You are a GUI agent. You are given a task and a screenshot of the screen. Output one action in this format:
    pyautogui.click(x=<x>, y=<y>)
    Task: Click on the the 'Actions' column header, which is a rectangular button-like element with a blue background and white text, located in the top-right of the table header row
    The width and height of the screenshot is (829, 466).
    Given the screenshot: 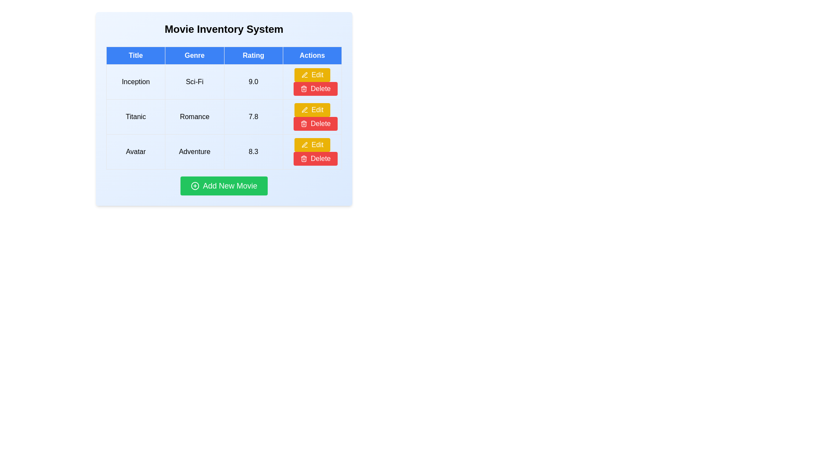 What is the action you would take?
    pyautogui.click(x=312, y=55)
    